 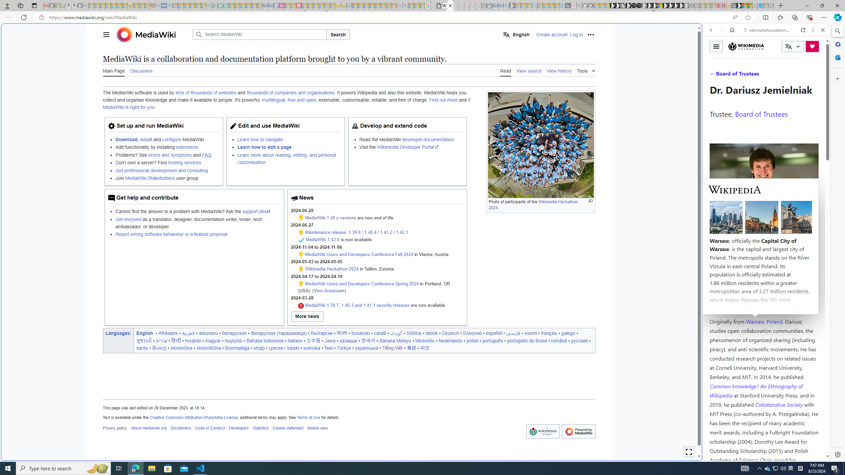 What do you see at coordinates (311, 347) in the screenshot?
I see `'svenska'` at bounding box center [311, 347].